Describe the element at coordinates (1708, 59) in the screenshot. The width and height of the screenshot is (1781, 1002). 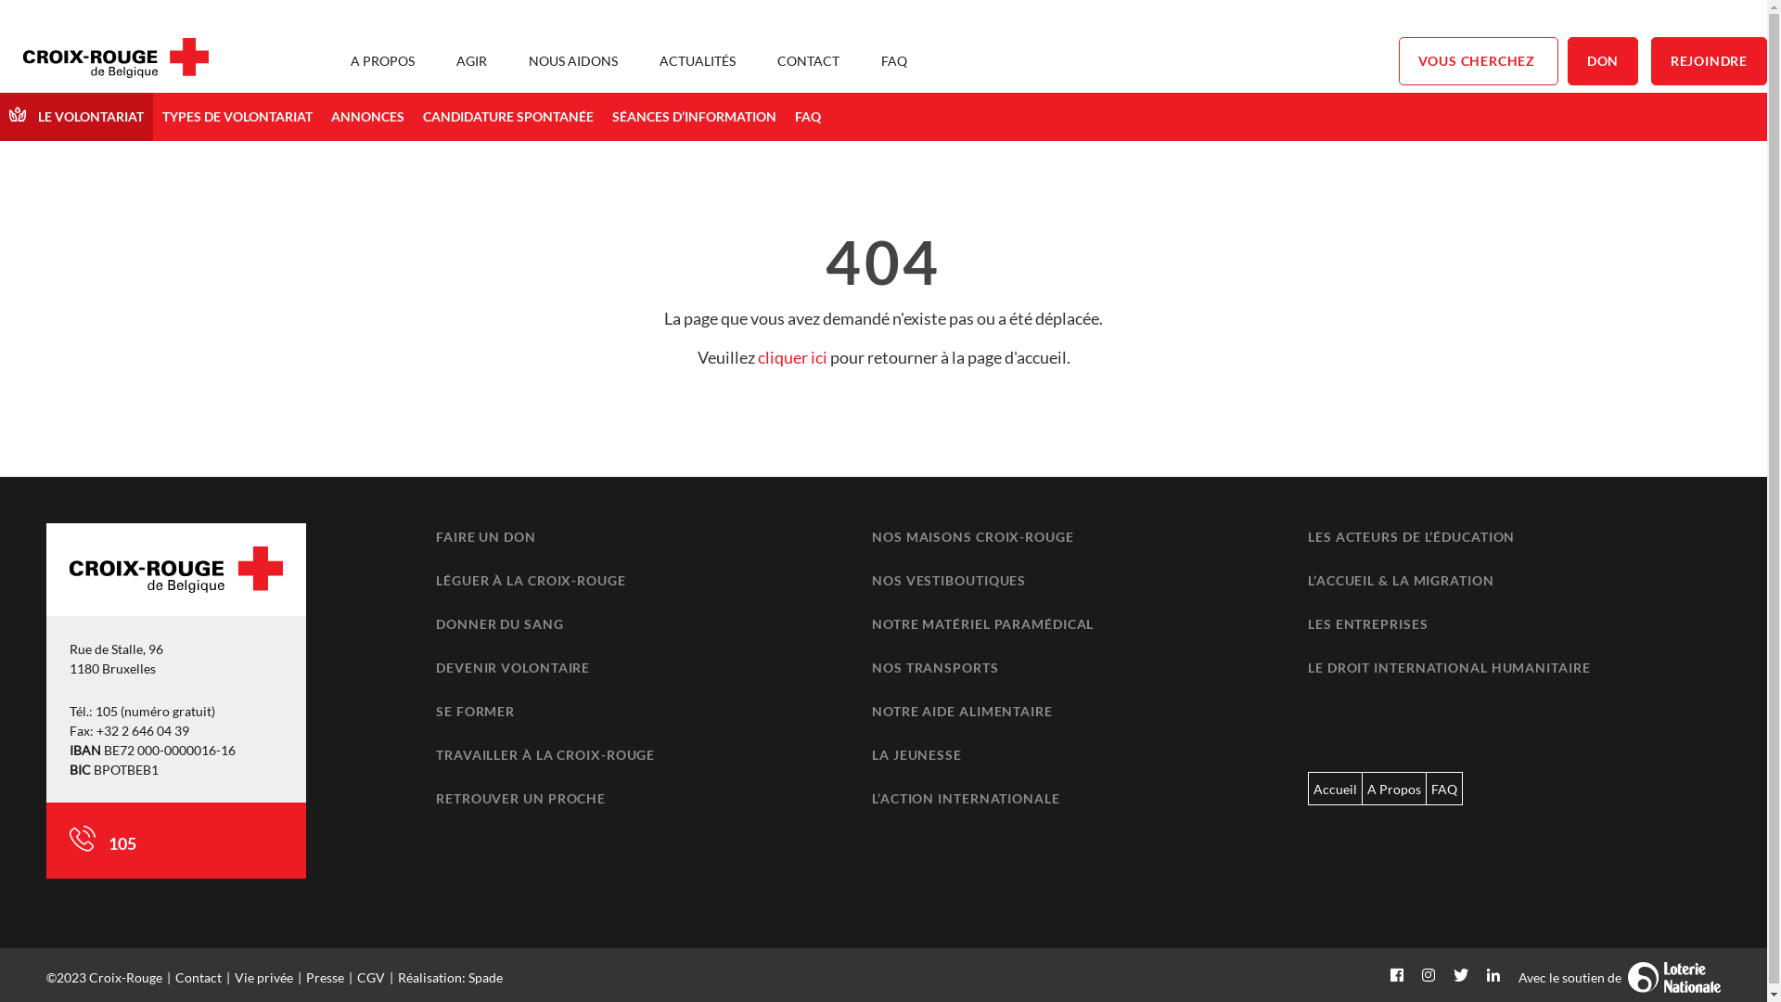
I see `'REJOINDRE'` at that location.